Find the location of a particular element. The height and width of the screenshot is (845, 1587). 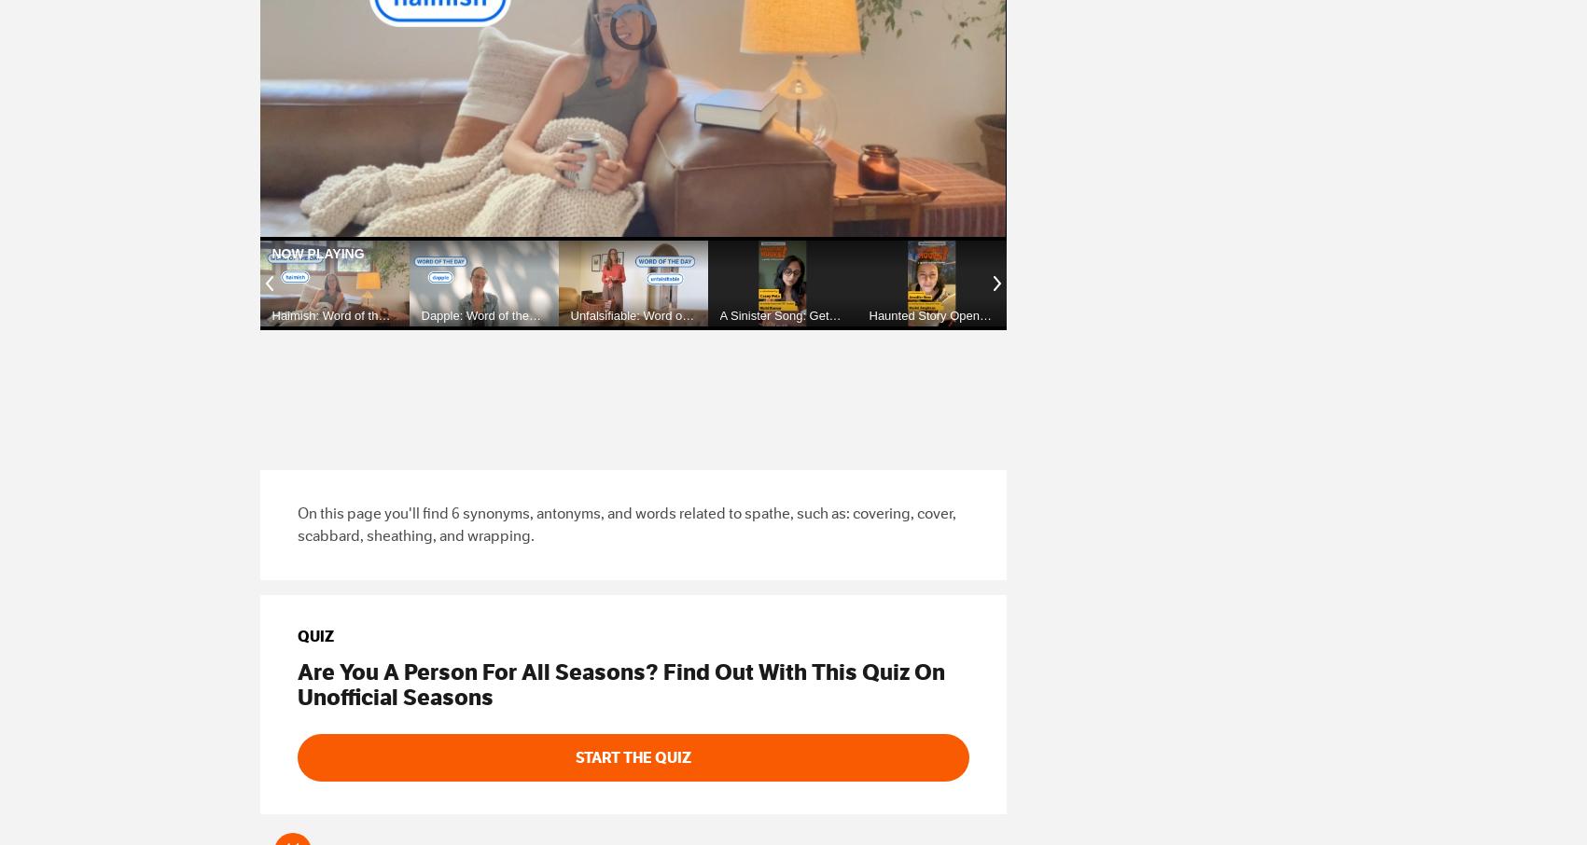

'Haimish: Word of the Day' is located at coordinates (271, 322).